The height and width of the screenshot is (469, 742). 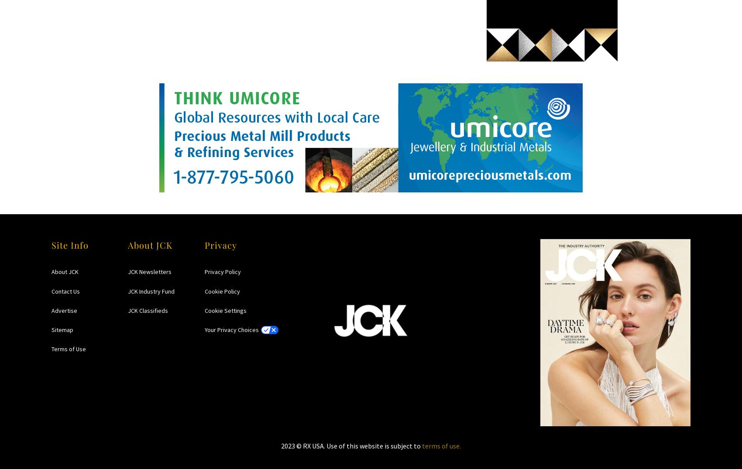 What do you see at coordinates (149, 271) in the screenshot?
I see `'JCK Newsletters'` at bounding box center [149, 271].